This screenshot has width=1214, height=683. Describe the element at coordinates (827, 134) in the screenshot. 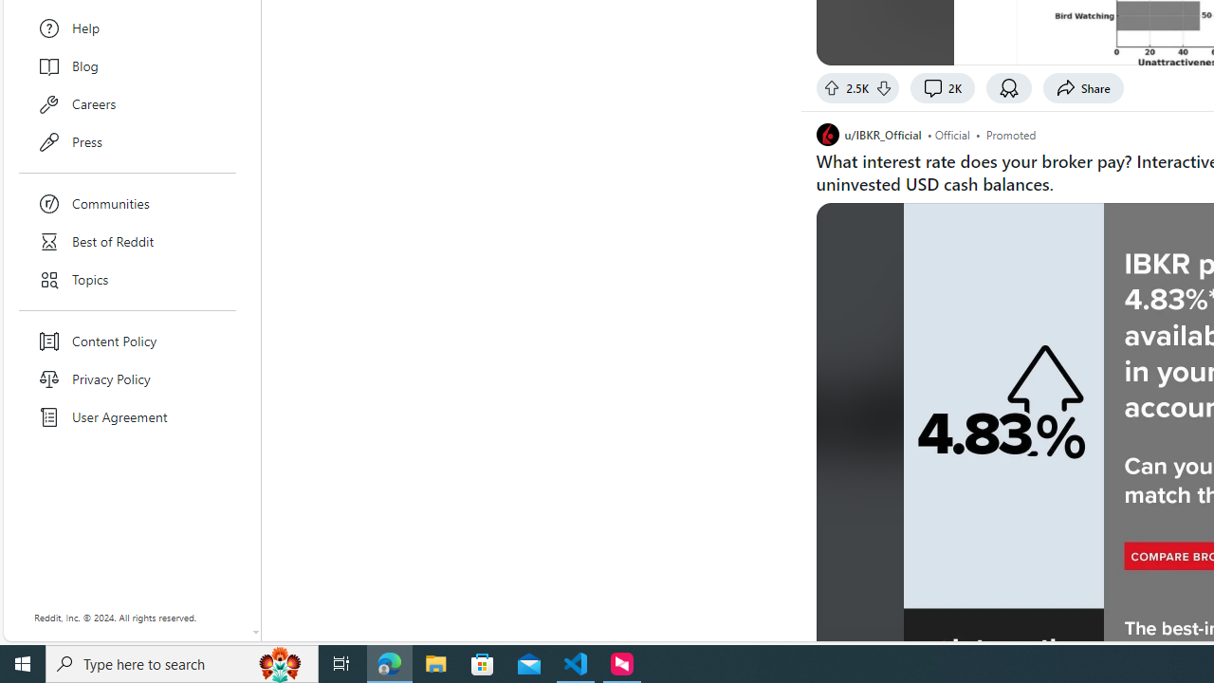

I see `'u/IBKR_Official avatar'` at that location.